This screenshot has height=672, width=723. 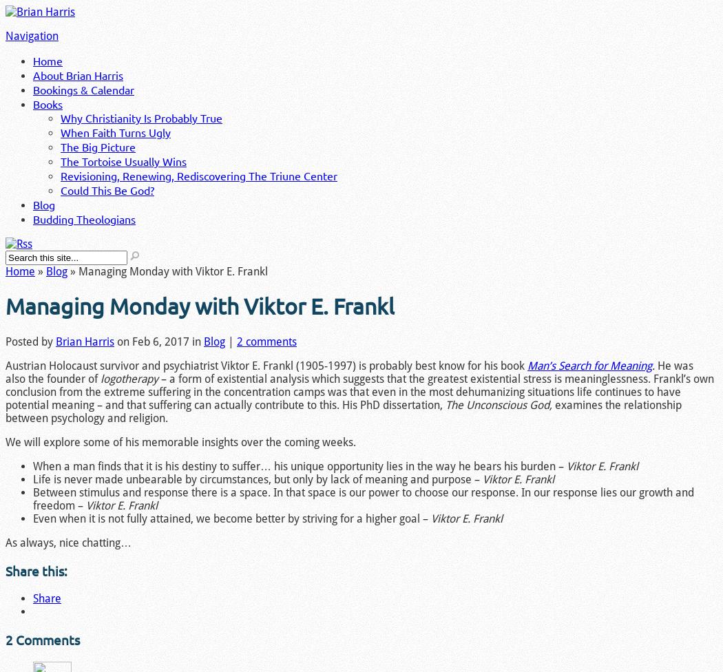 I want to click on 'When a man finds that it is his destiny to suffer… his unique opportunity lies in the way he bears his burden –', so click(x=32, y=465).